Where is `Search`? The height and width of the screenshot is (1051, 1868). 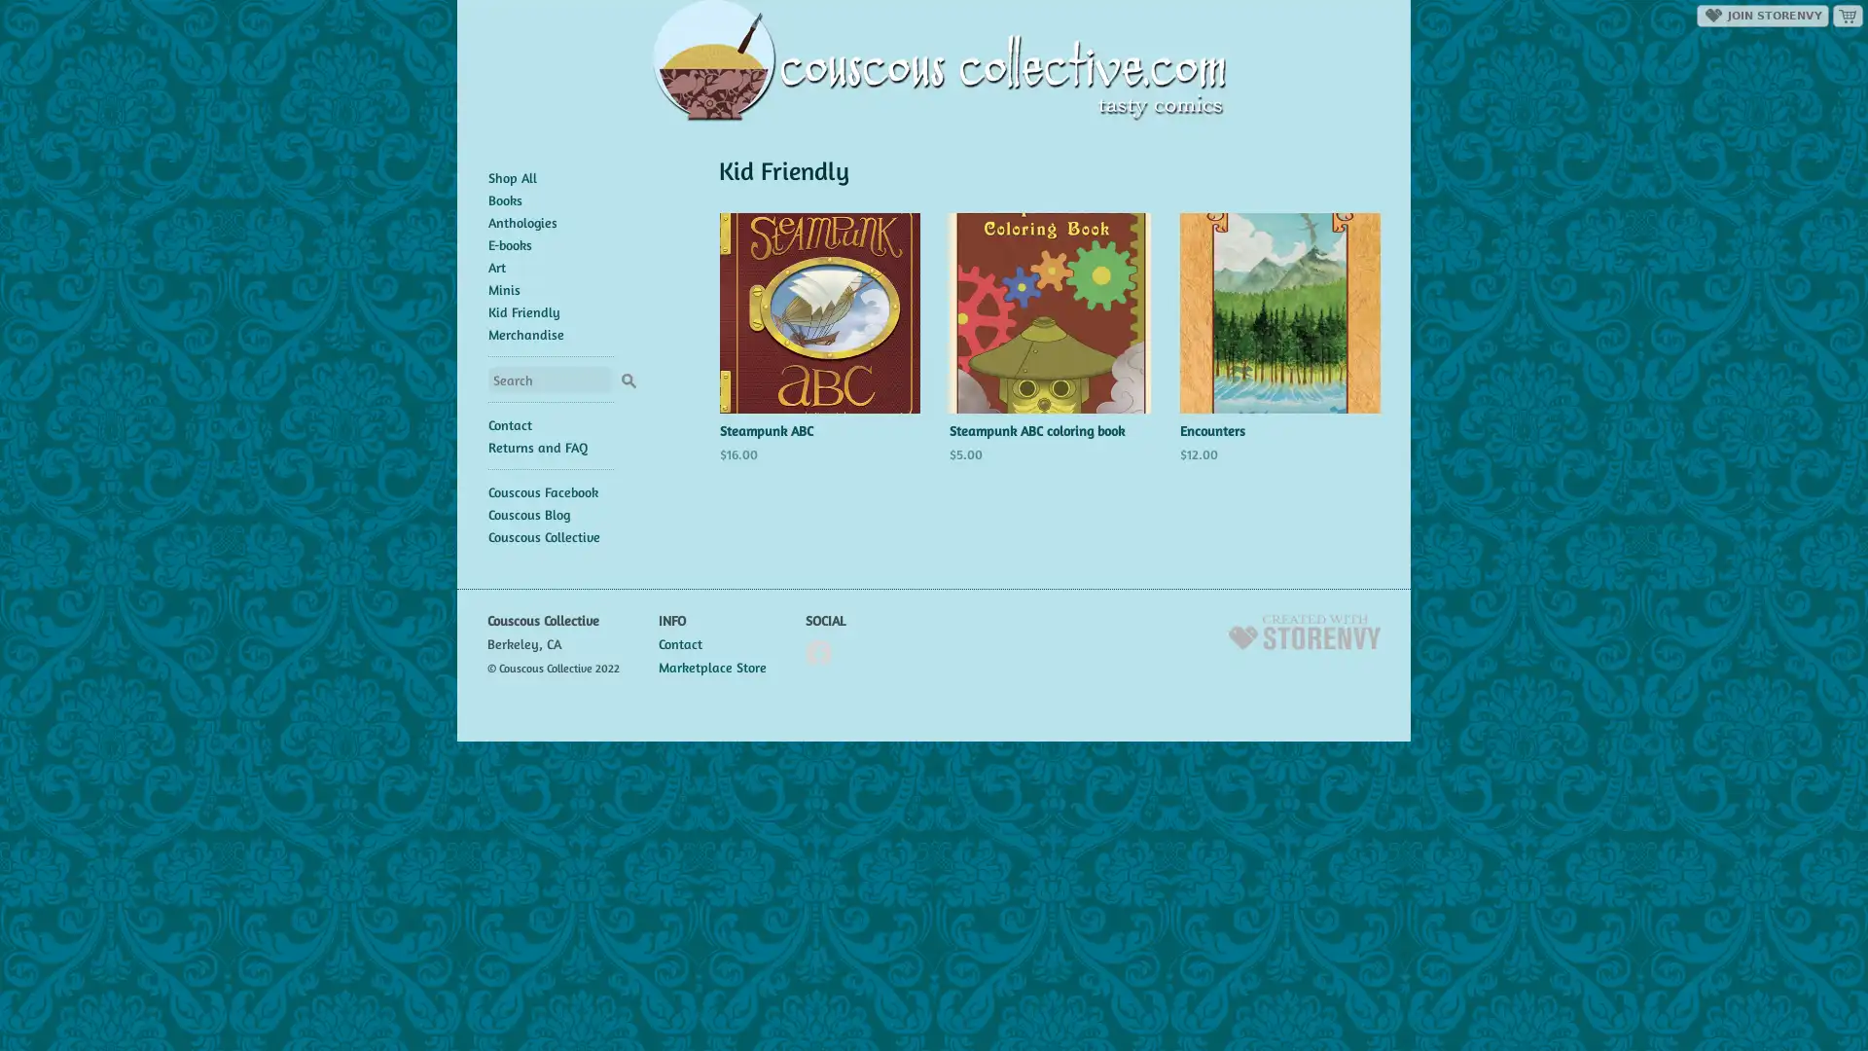 Search is located at coordinates (628, 378).